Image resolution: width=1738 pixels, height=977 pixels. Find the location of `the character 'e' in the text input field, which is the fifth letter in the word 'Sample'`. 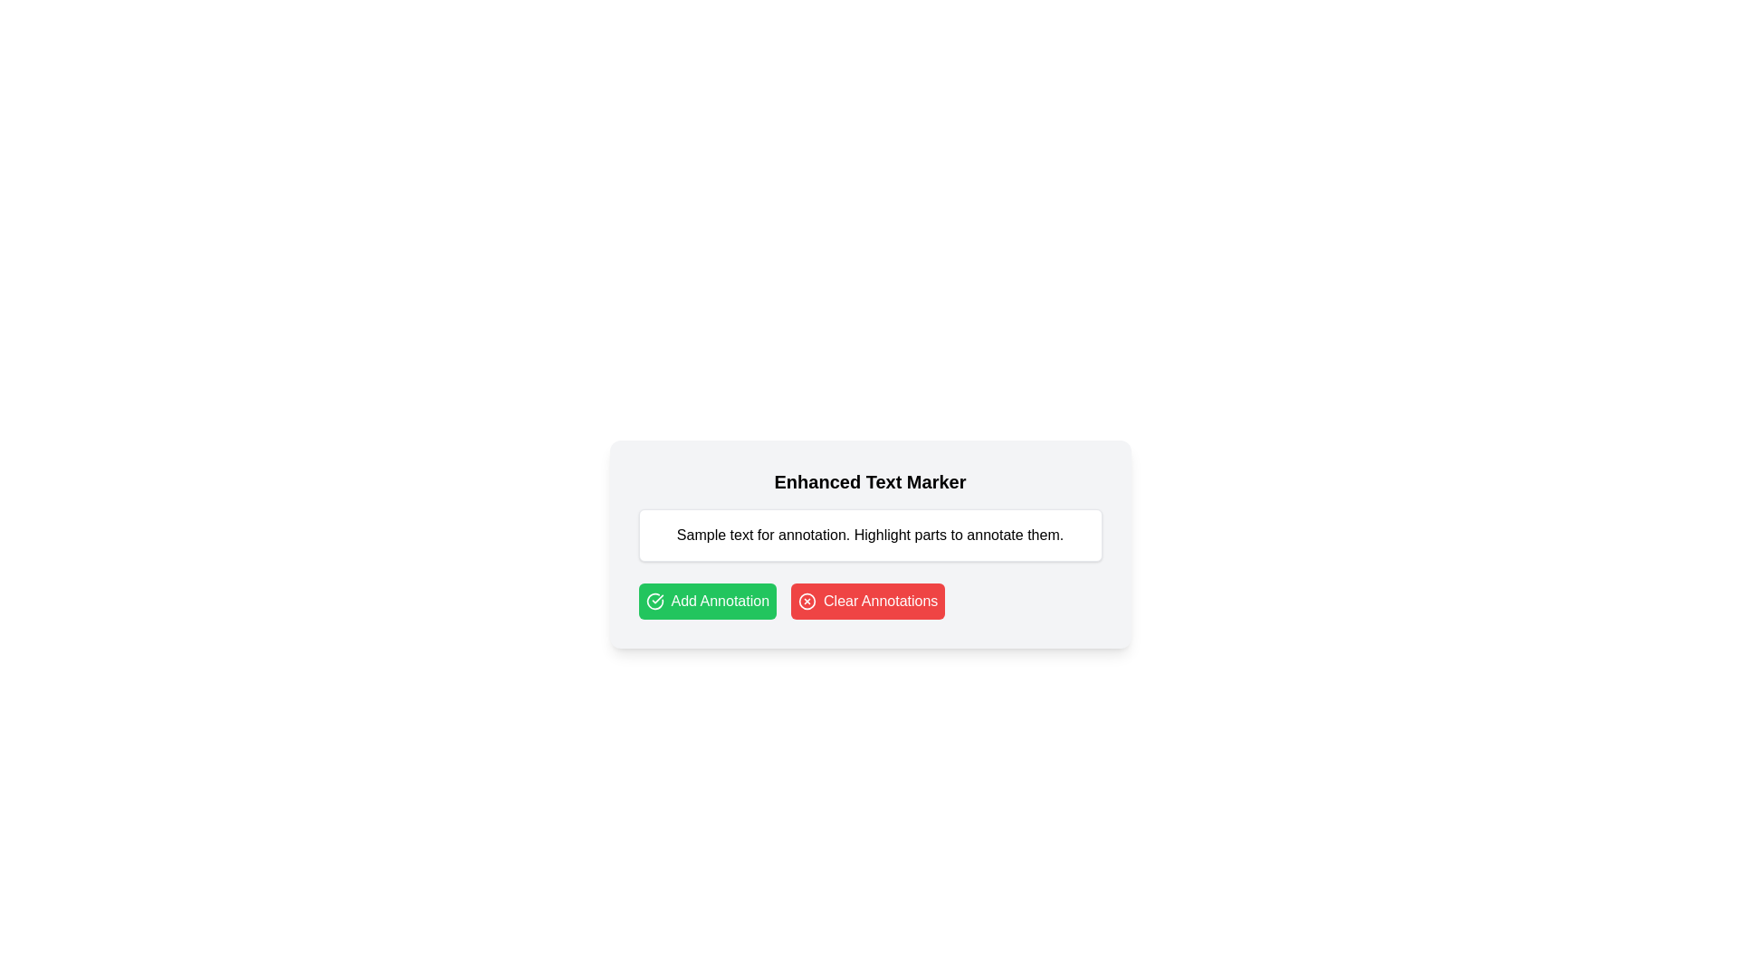

the character 'e' in the text input field, which is the fifth letter in the word 'Sample' is located at coordinates (721, 534).